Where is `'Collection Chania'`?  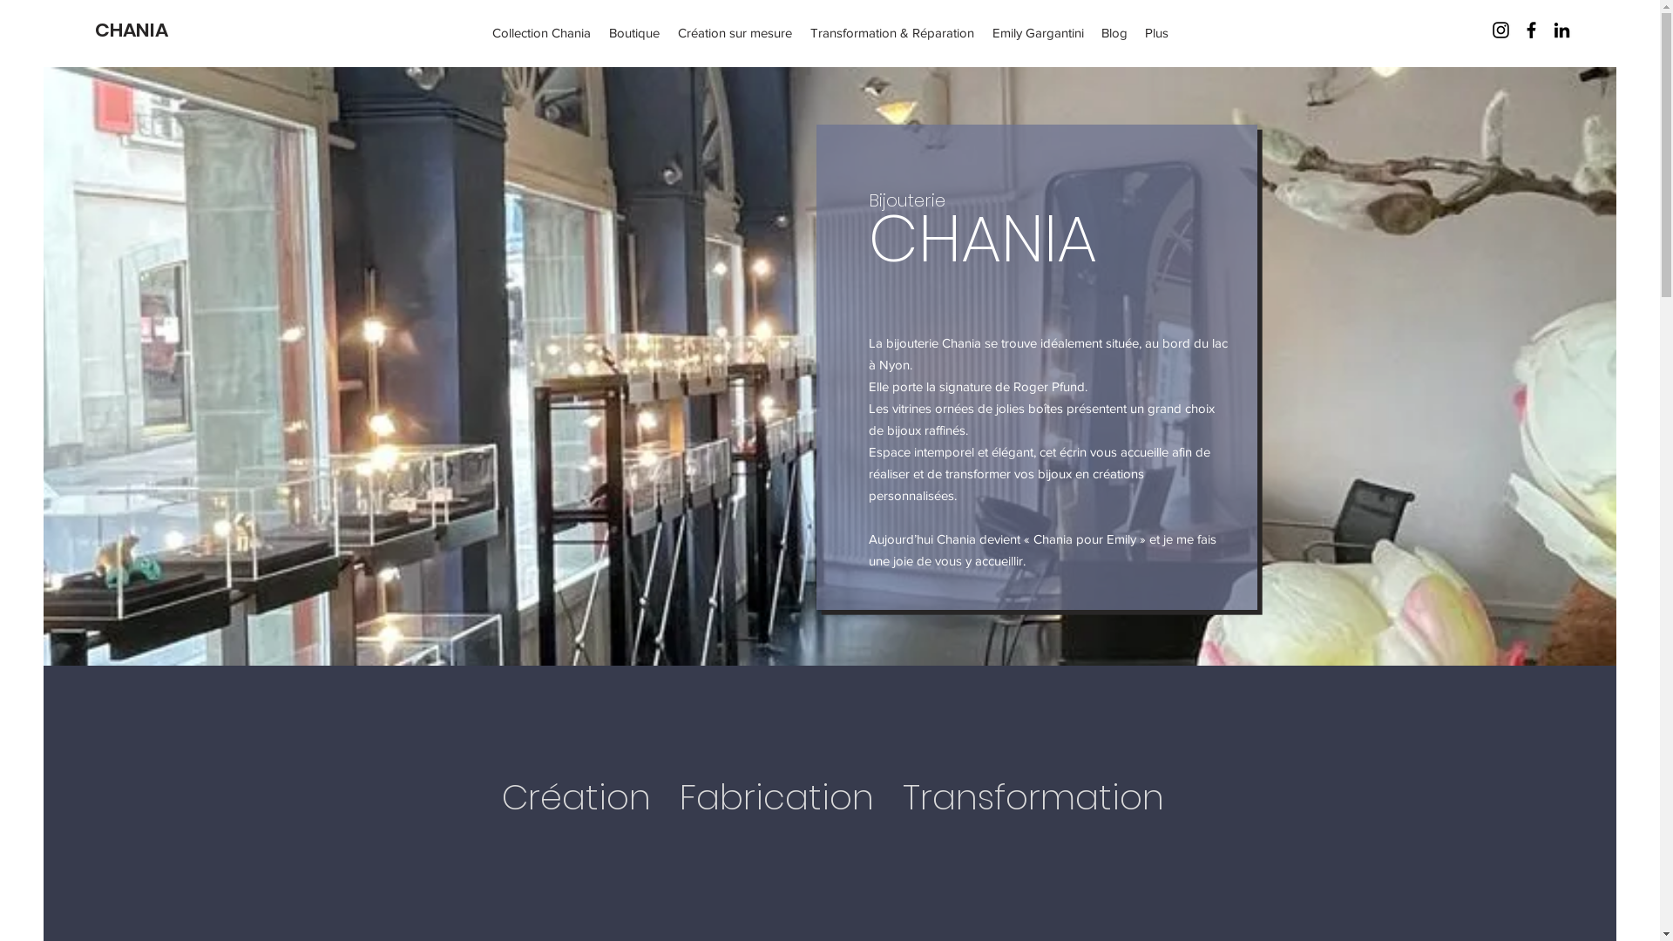
'Collection Chania' is located at coordinates (541, 32).